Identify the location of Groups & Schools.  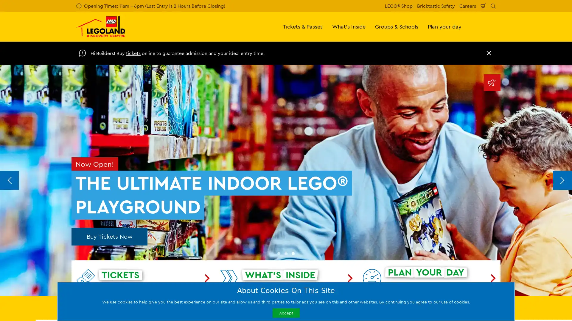
(397, 26).